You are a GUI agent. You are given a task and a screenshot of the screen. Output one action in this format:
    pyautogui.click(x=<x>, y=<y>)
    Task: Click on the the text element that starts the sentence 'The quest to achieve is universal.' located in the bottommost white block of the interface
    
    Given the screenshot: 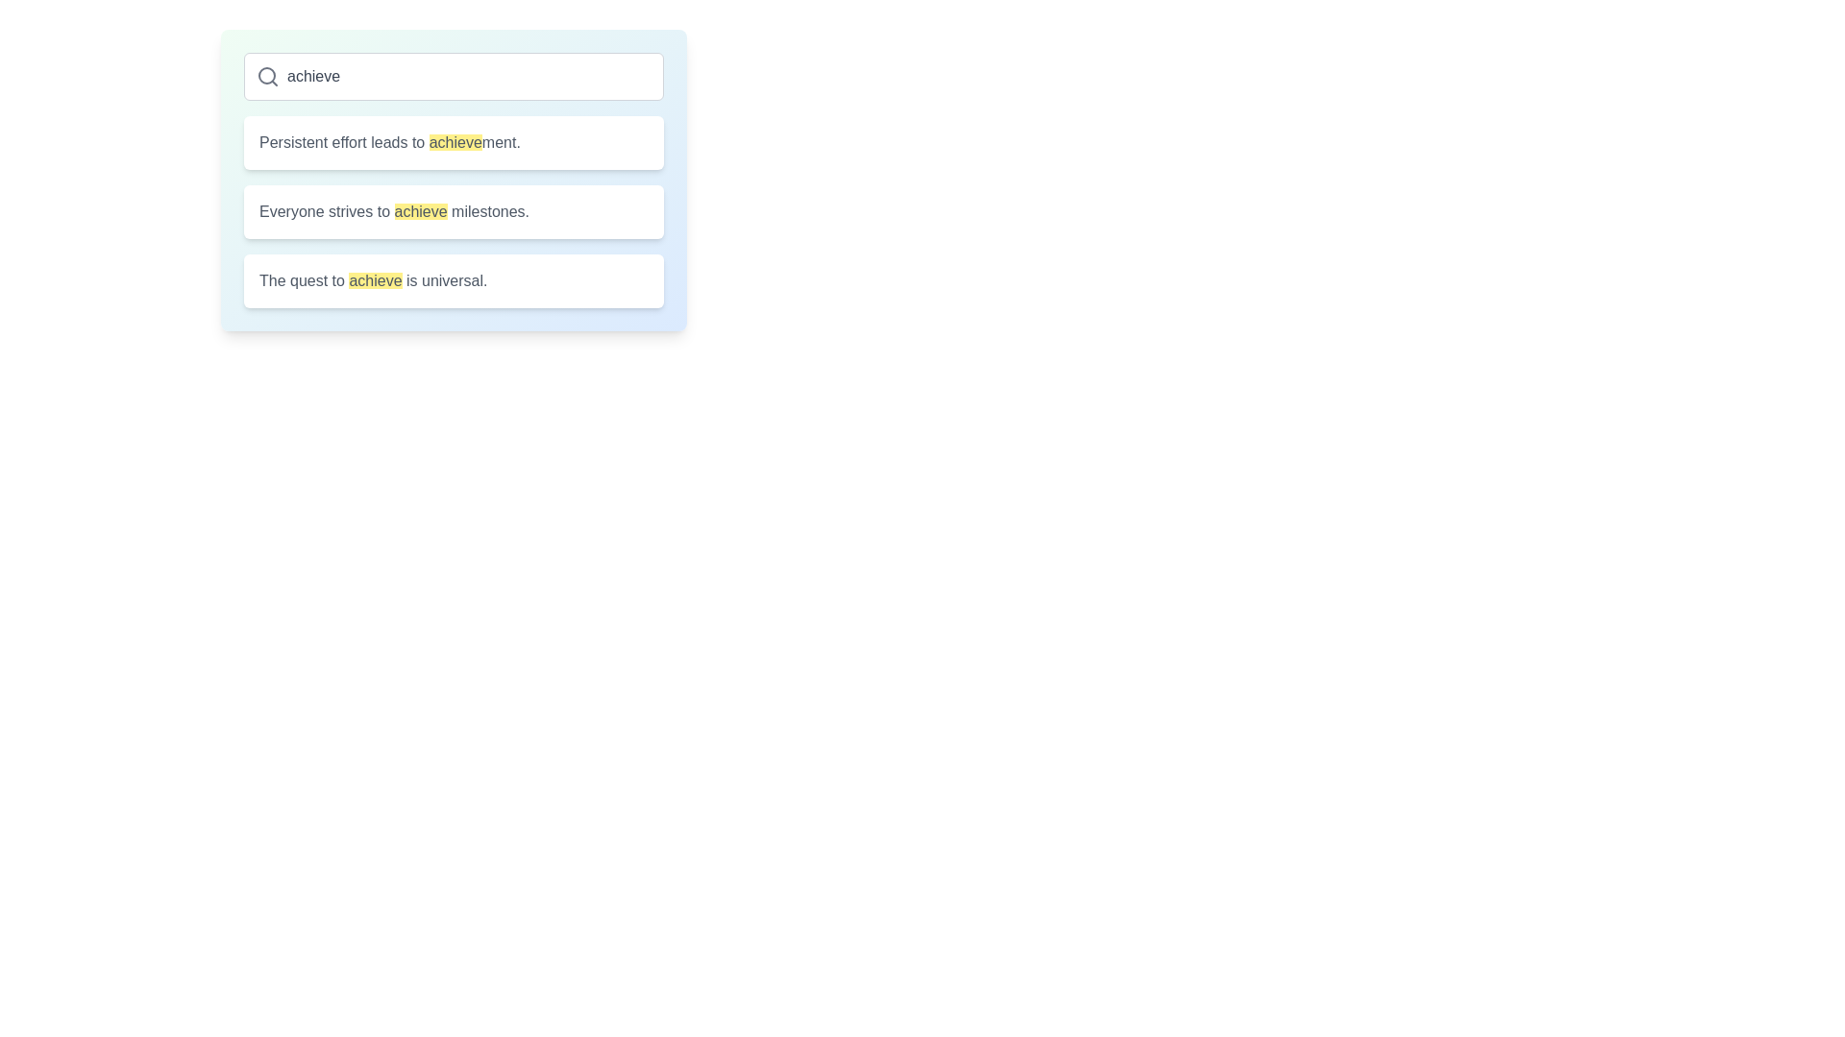 What is the action you would take?
    pyautogui.click(x=303, y=280)
    